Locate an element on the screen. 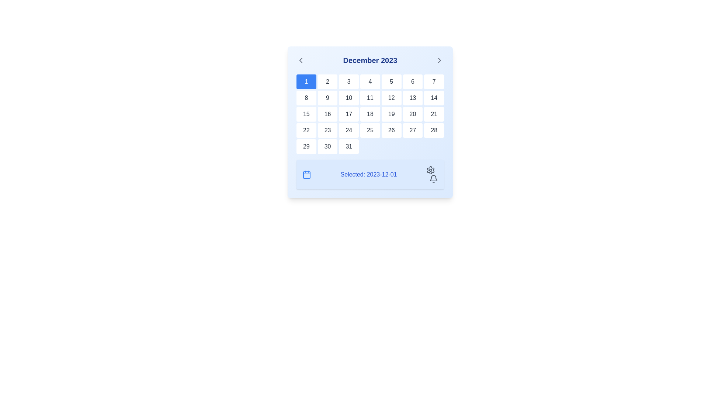 This screenshot has width=708, height=398. the clickable calendar day button representing the date '12' for keyboard navigation is located at coordinates (391, 98).